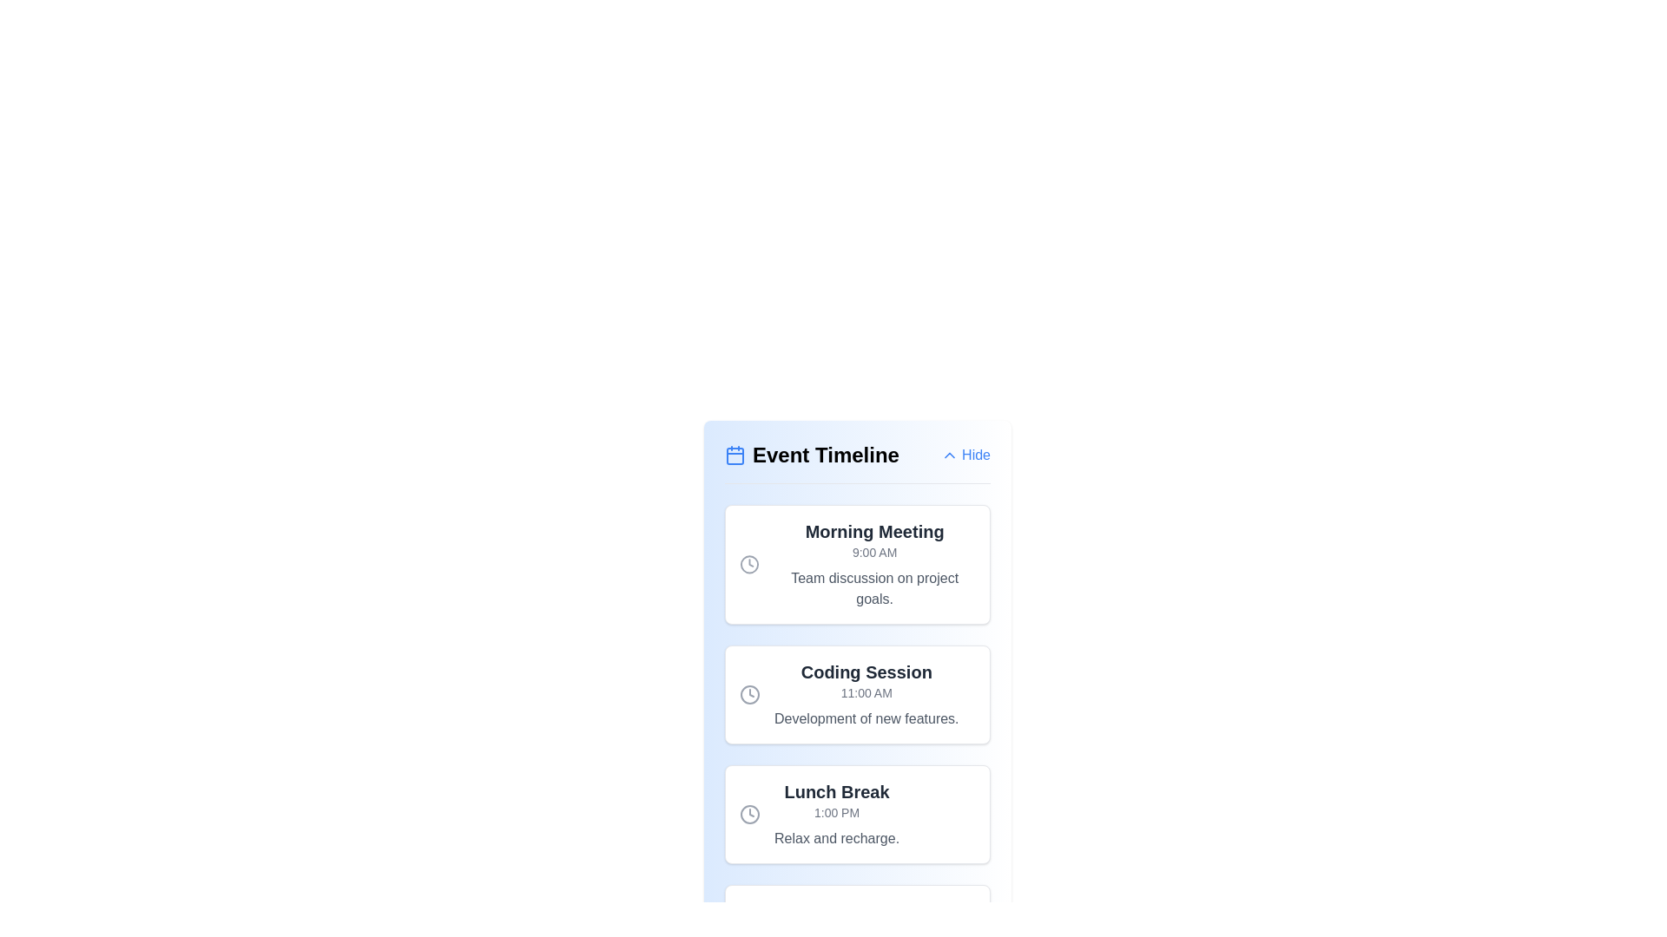  Describe the element at coordinates (749, 565) in the screenshot. I see `the clock icon representing the time '9:00 AM' associated with the 'Morning Meeting' event card located in the 'Event Timeline'` at that location.